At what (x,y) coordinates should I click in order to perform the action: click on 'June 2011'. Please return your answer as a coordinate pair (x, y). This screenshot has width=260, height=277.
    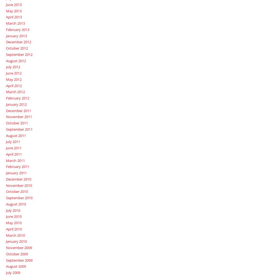
    Looking at the image, I should click on (13, 148).